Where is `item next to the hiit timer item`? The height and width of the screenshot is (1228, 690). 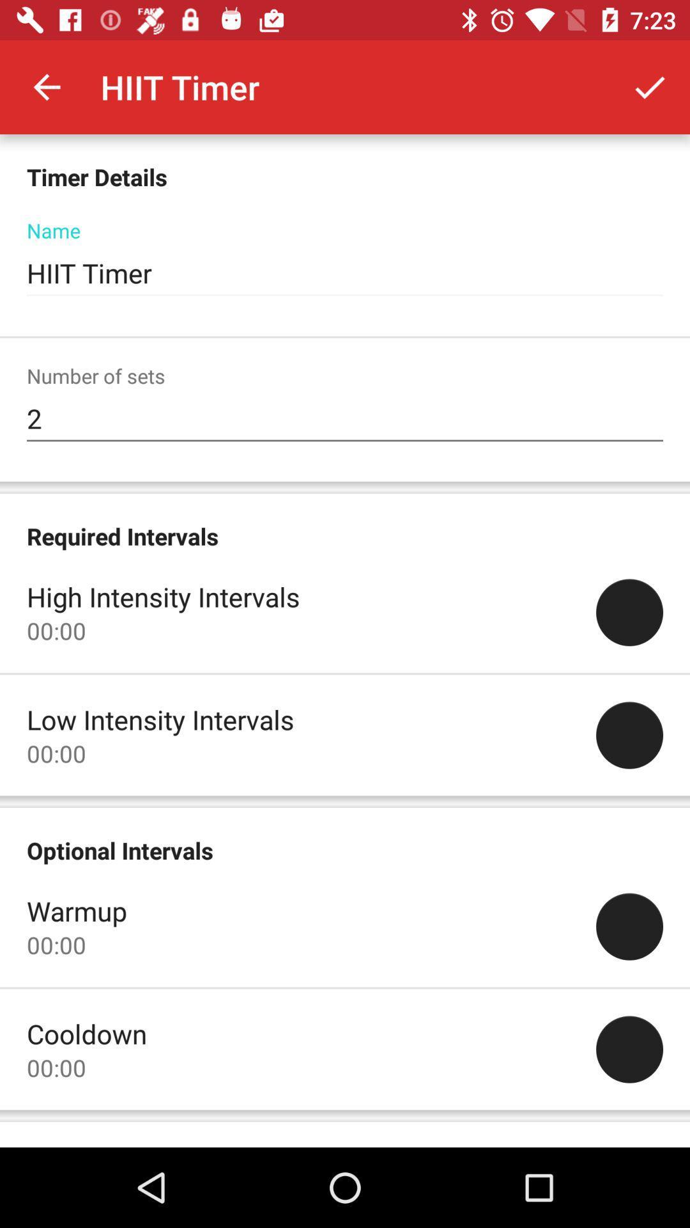 item next to the hiit timer item is located at coordinates (46, 86).